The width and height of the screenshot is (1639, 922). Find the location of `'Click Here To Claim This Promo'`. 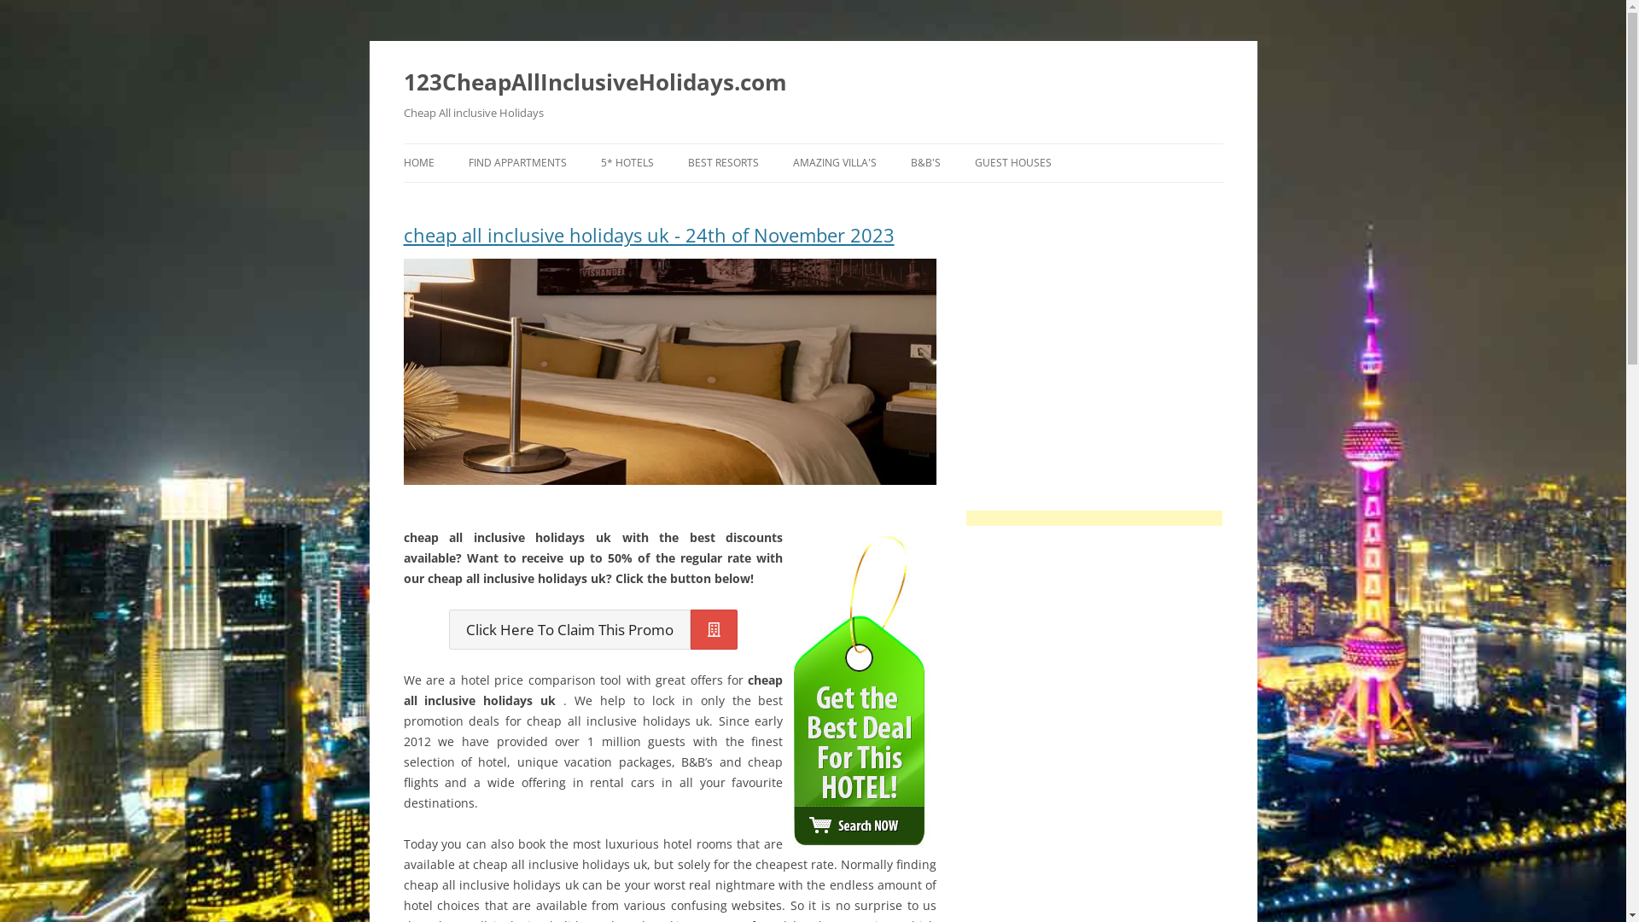

'Click Here To Claim This Promo' is located at coordinates (593, 629).